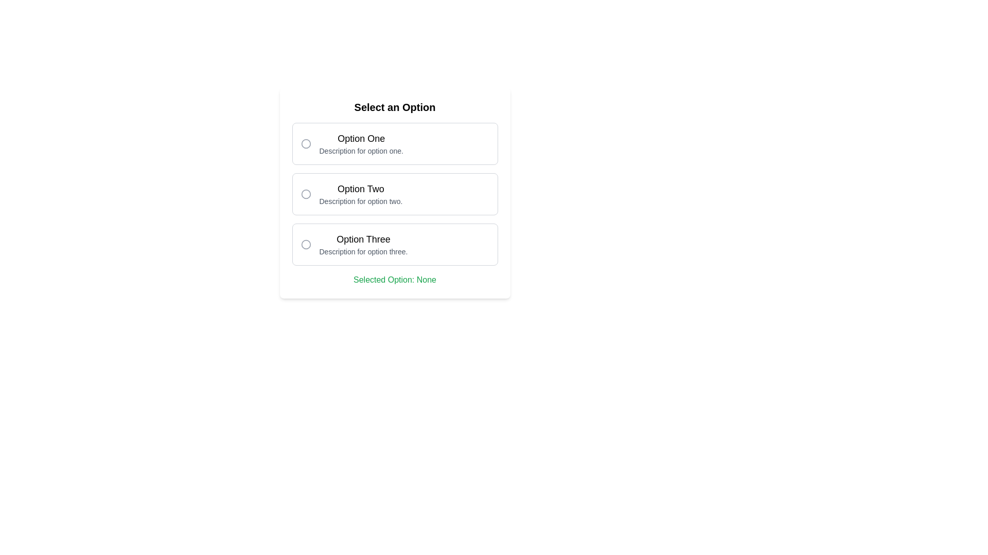 The image size is (988, 555). I want to click on the unselected state icon located to the left of the text 'Option Three', so click(305, 244).